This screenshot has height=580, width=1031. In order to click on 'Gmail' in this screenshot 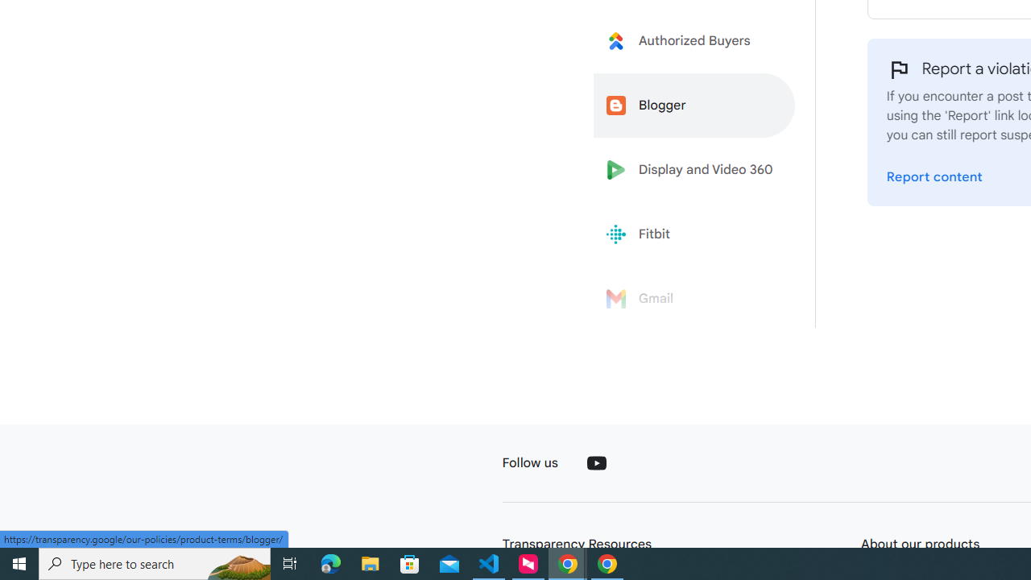, I will do `click(694, 299)`.